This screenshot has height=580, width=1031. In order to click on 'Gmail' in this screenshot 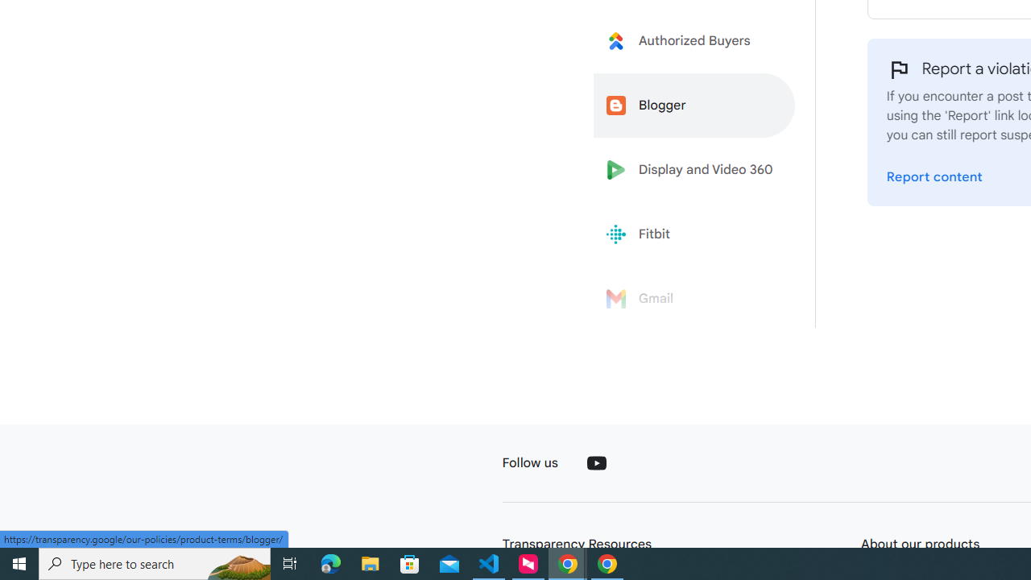, I will do `click(694, 299)`.